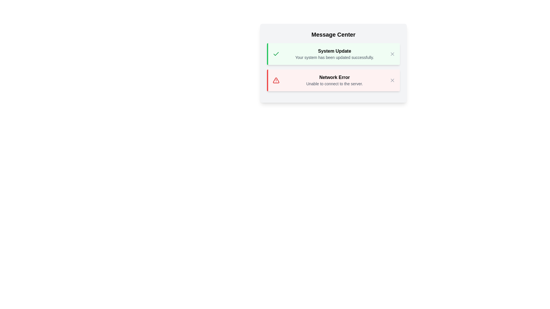 Image resolution: width=550 pixels, height=309 pixels. I want to click on the close button for the 'System Update' notification, so click(392, 54).